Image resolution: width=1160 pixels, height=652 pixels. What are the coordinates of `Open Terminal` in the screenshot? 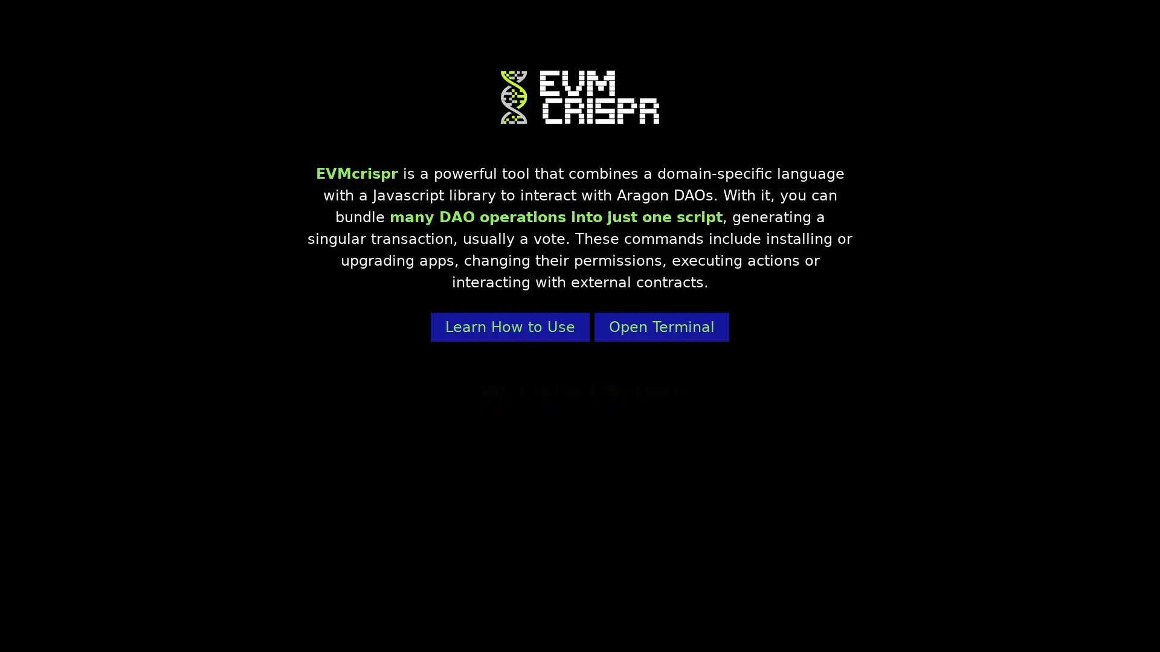 It's located at (661, 327).